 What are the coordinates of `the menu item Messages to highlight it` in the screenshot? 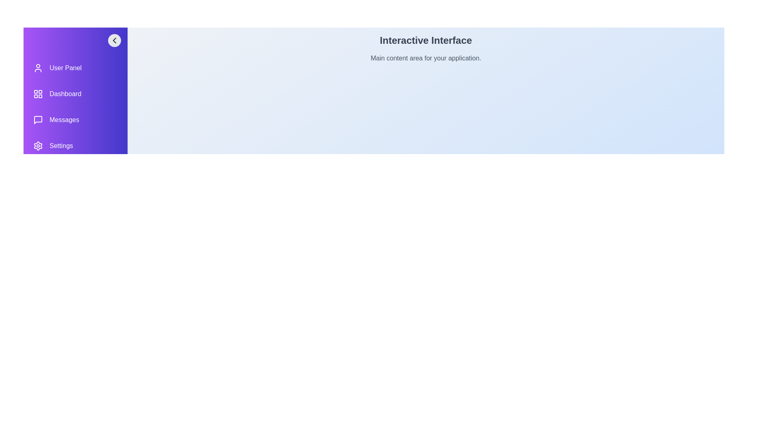 It's located at (76, 120).